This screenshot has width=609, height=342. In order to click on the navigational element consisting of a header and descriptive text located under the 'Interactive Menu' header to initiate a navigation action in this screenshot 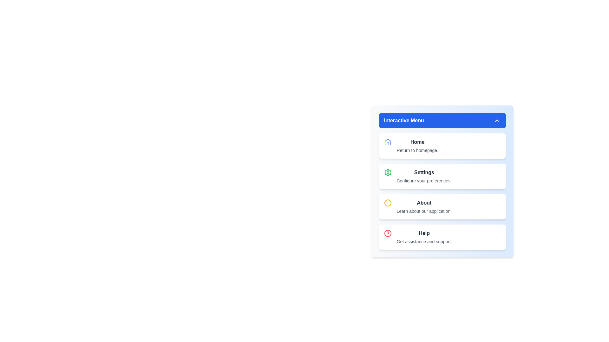, I will do `click(417, 146)`.